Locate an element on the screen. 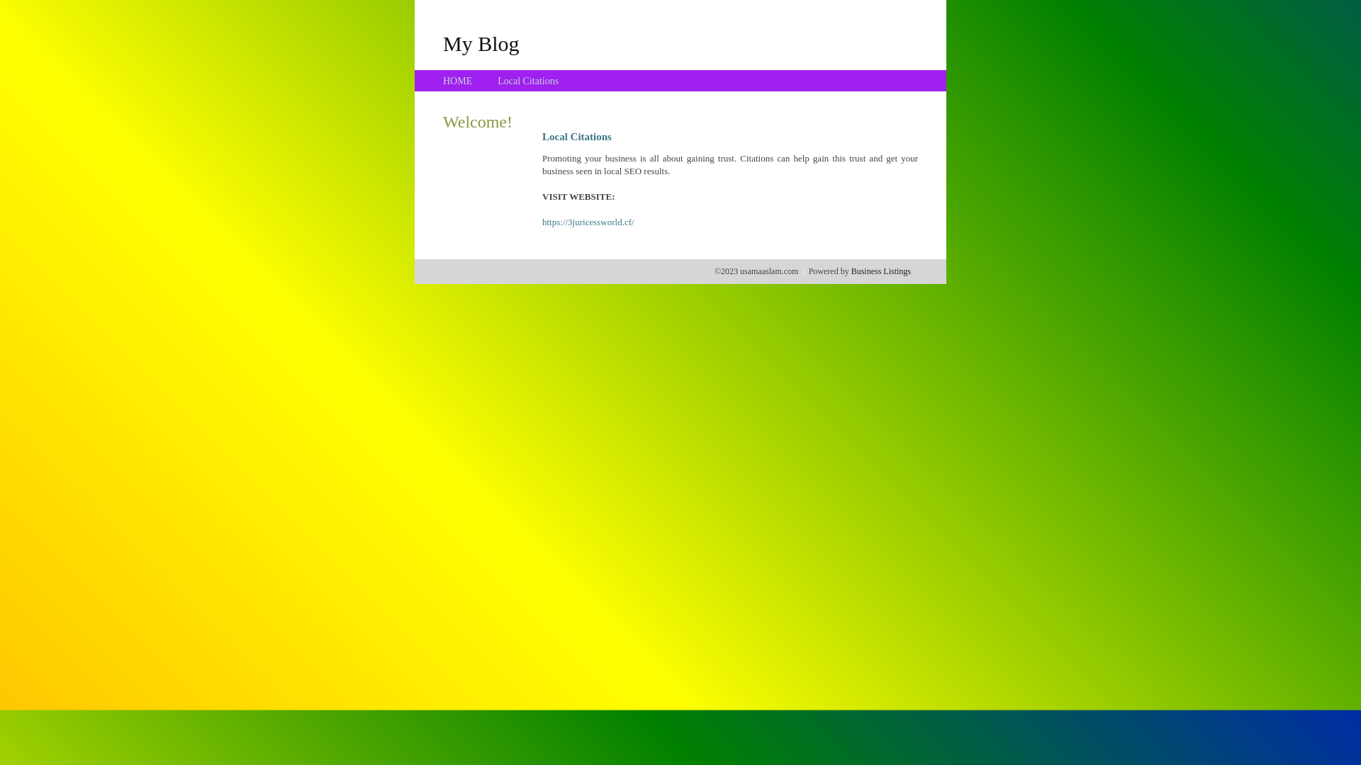 The image size is (1361, 765). 'Business Listings' is located at coordinates (851, 271).